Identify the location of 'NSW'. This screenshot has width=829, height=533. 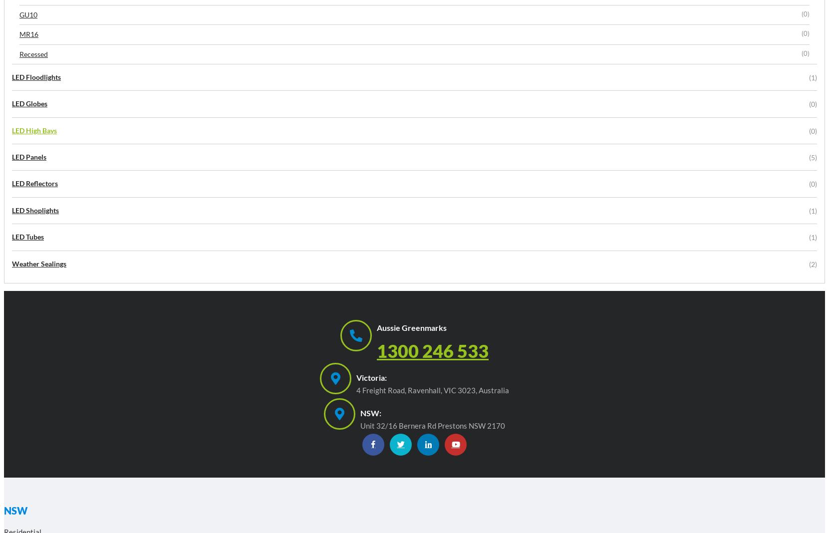
(3, 510).